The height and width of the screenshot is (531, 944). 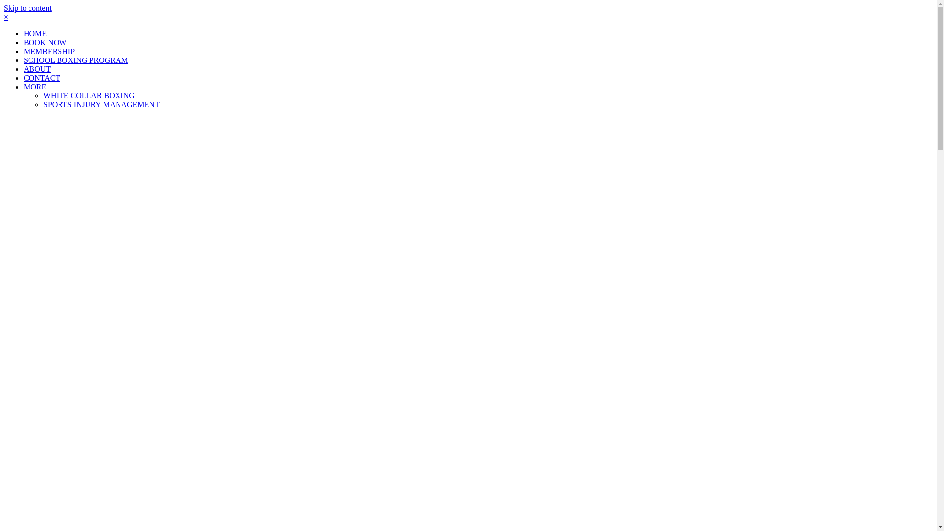 I want to click on 'BOOK NOW', so click(x=44, y=42).